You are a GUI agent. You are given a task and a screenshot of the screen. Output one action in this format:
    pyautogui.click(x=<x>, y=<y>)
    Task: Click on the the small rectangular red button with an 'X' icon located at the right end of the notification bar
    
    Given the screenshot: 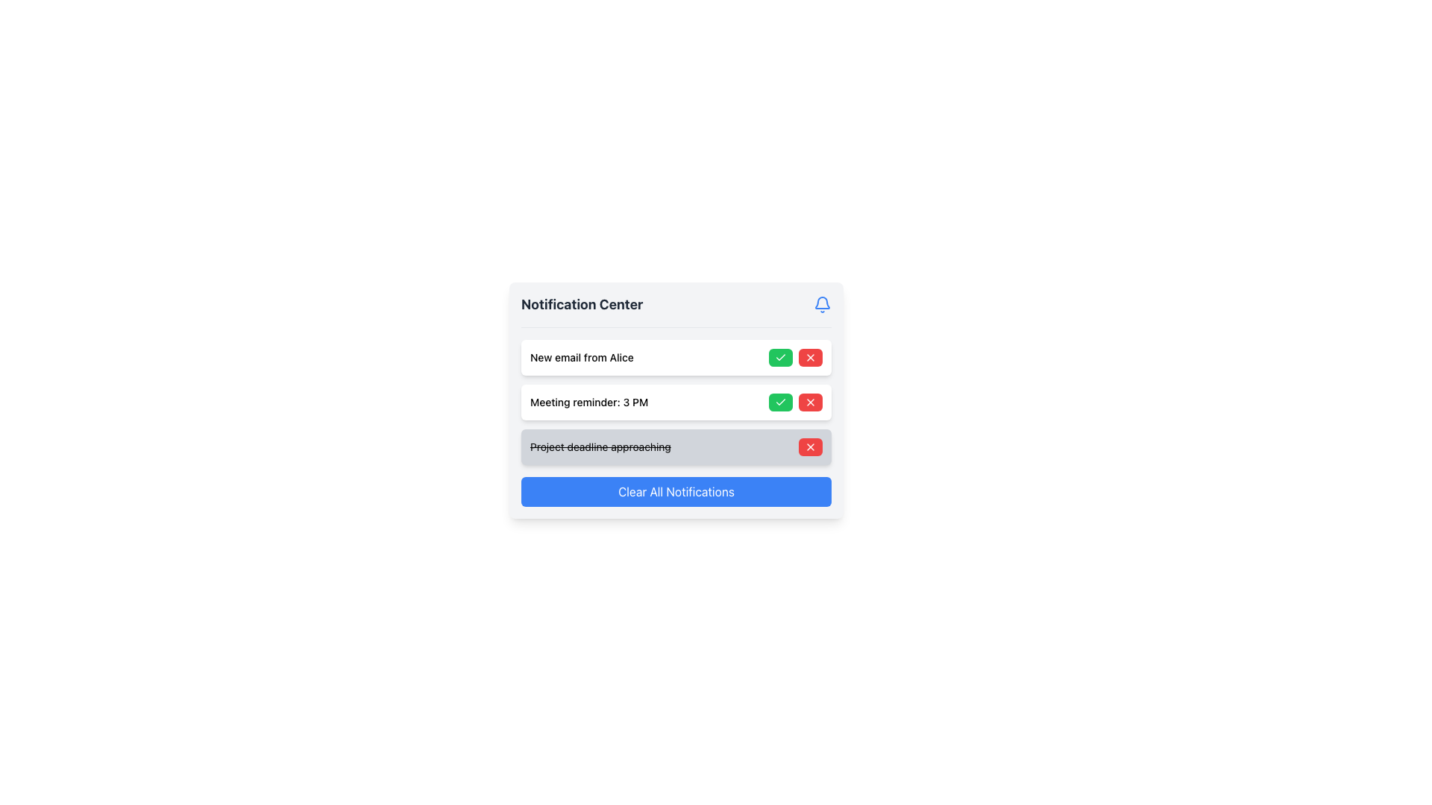 What is the action you would take?
    pyautogui.click(x=809, y=357)
    